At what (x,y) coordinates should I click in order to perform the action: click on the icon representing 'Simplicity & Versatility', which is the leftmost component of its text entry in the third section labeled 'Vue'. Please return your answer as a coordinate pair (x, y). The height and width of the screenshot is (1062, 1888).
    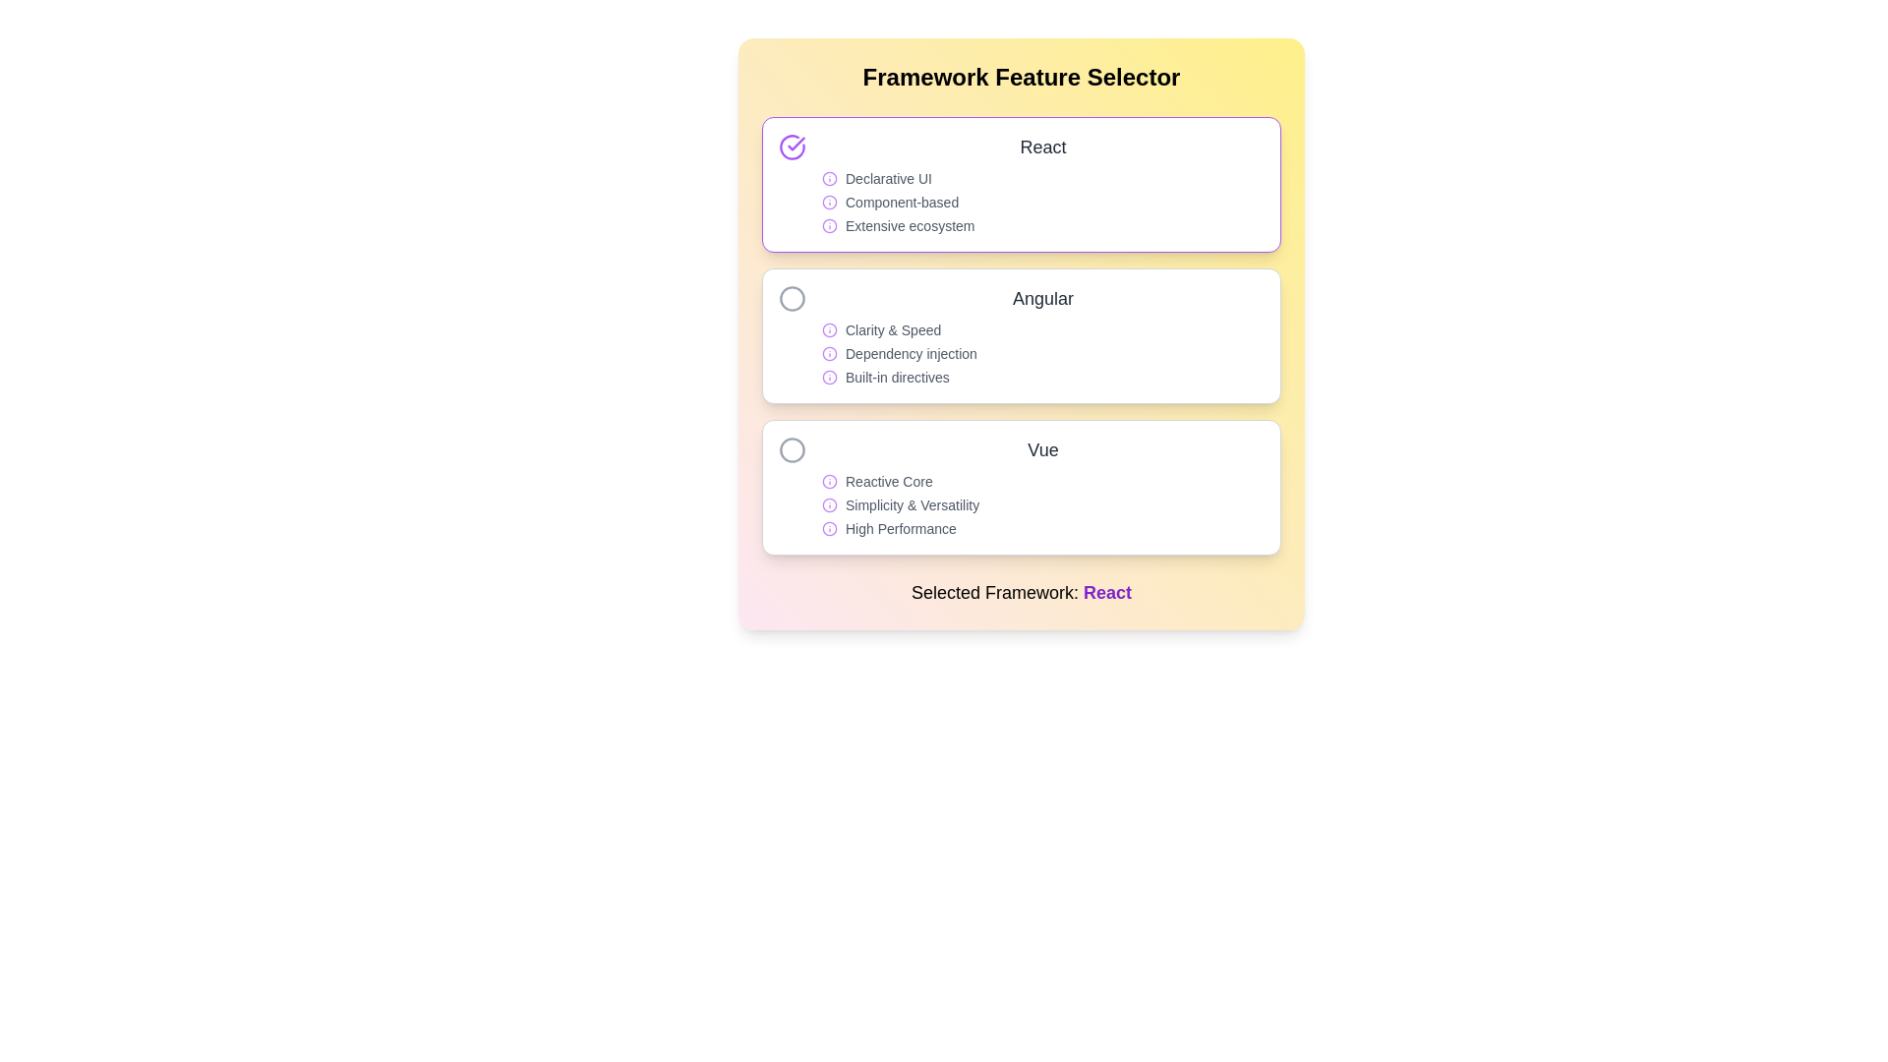
    Looking at the image, I should click on (830, 503).